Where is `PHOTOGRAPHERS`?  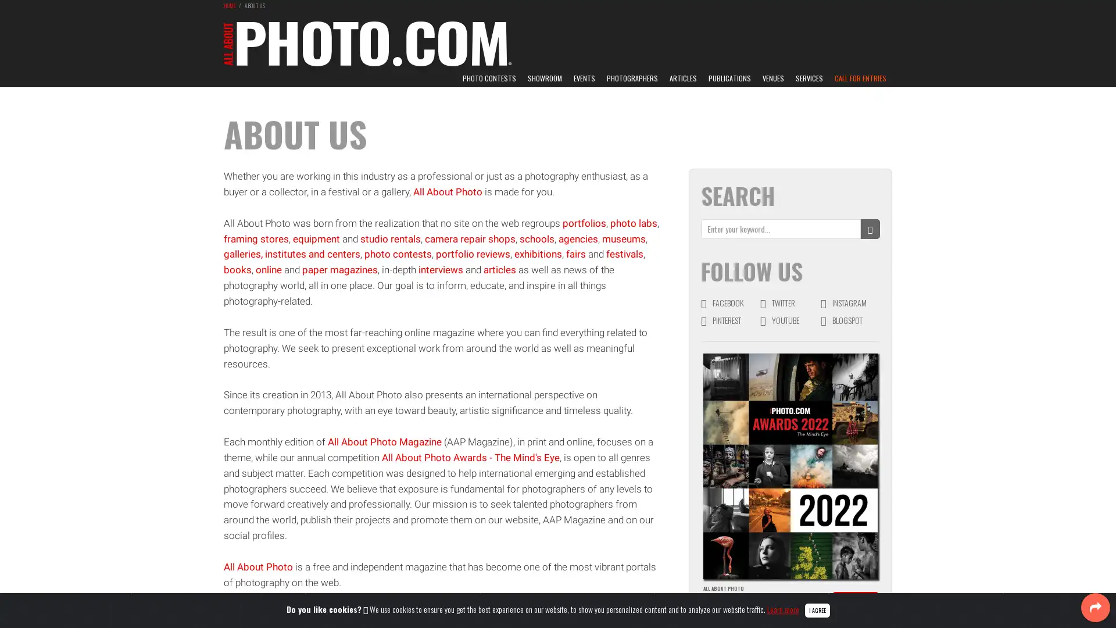
PHOTOGRAPHERS is located at coordinates (632, 78).